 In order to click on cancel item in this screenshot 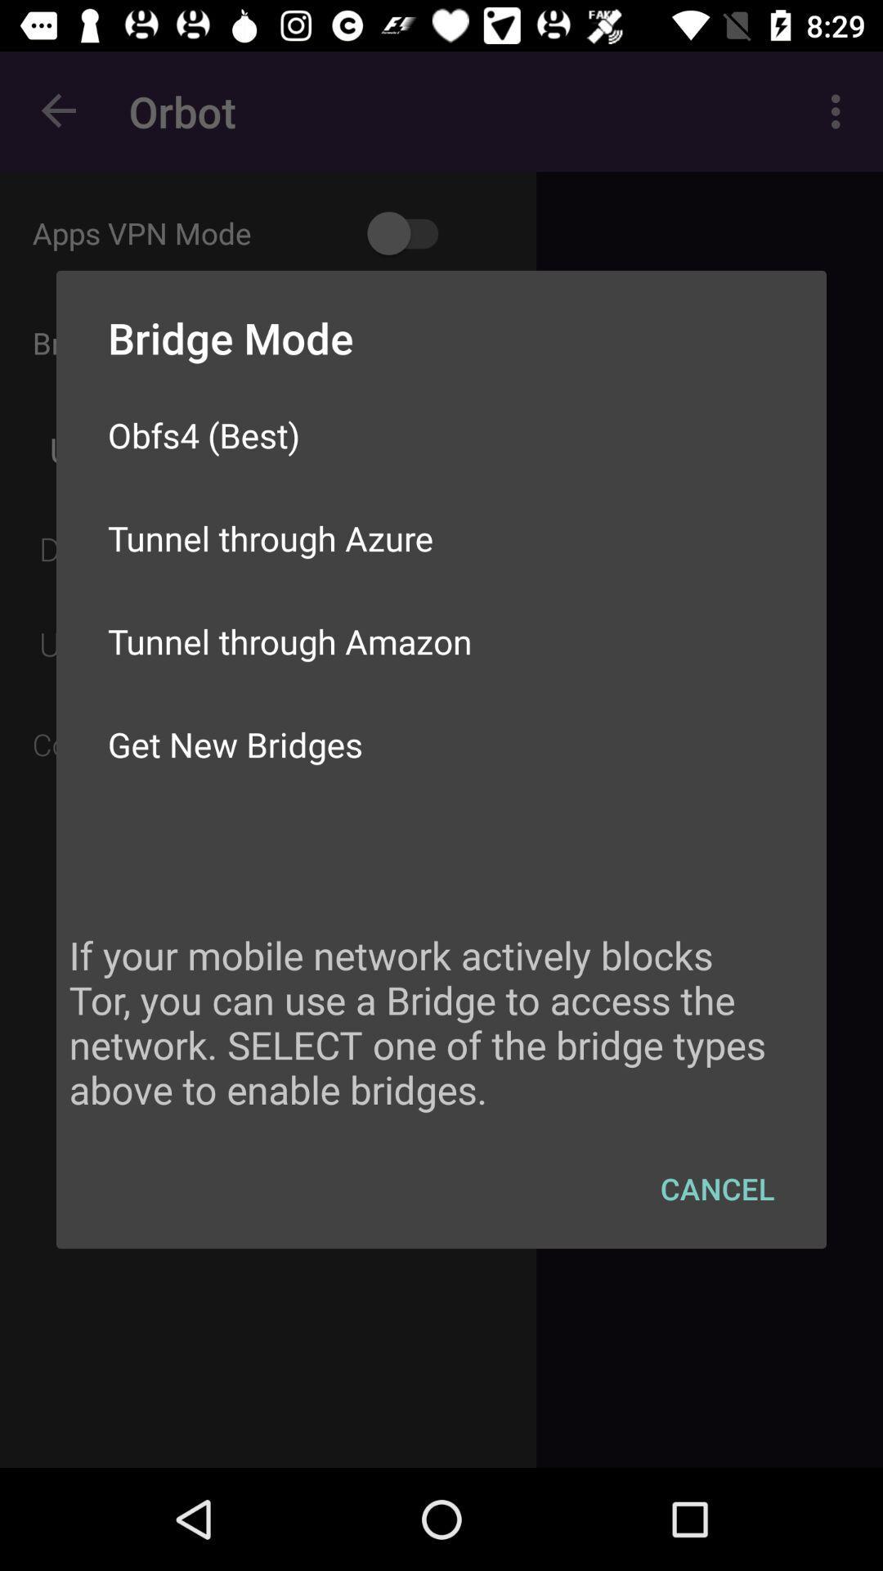, I will do `click(716, 1188)`.